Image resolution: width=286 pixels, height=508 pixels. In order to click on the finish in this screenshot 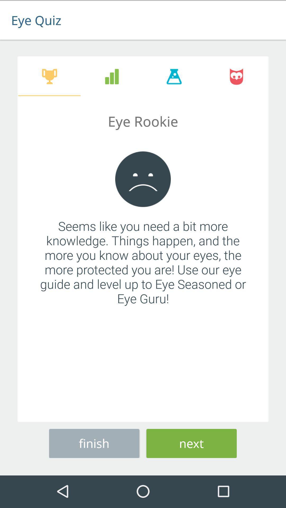, I will do `click(94, 442)`.